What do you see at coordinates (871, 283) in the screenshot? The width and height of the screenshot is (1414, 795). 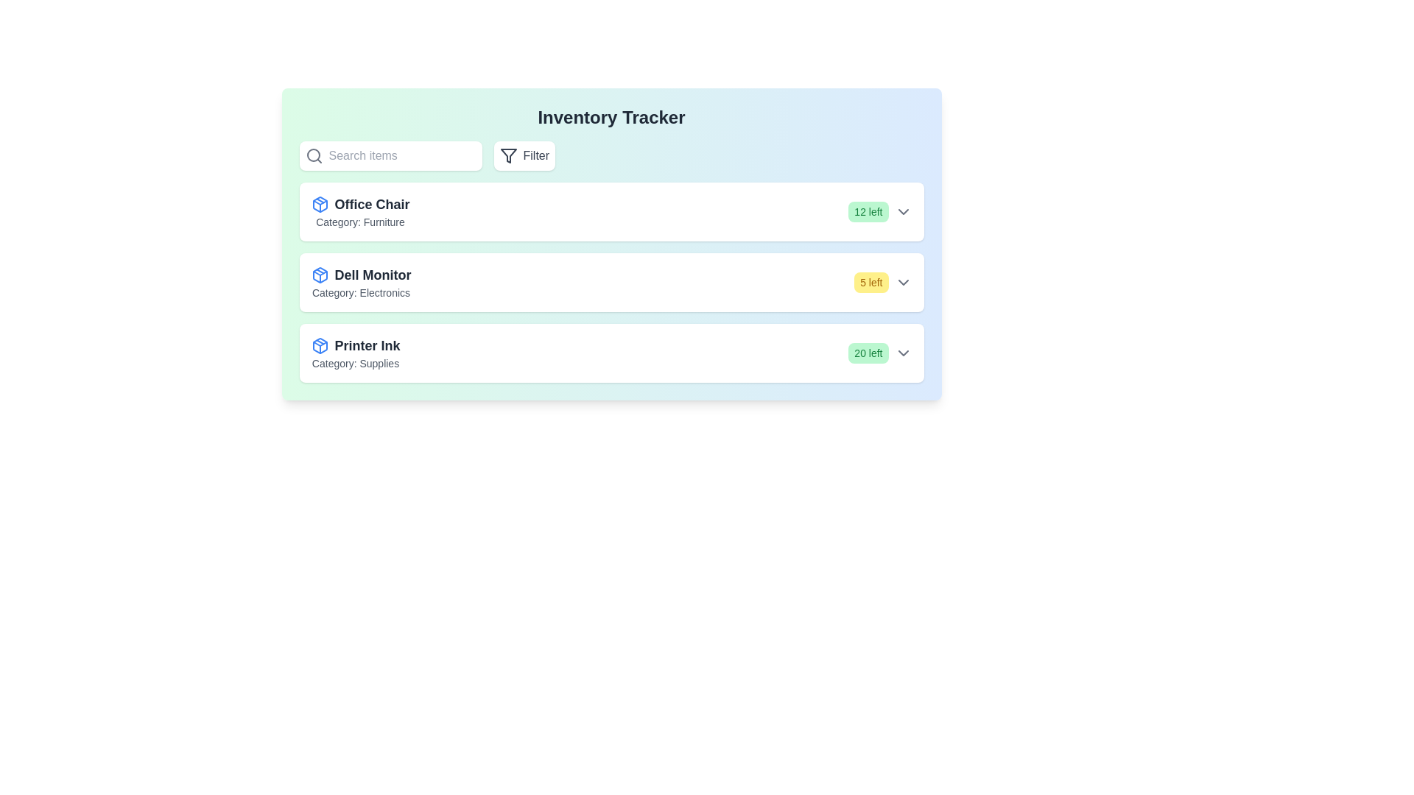 I see `the stock badge for Dell Monitor to observe its stock level` at bounding box center [871, 283].